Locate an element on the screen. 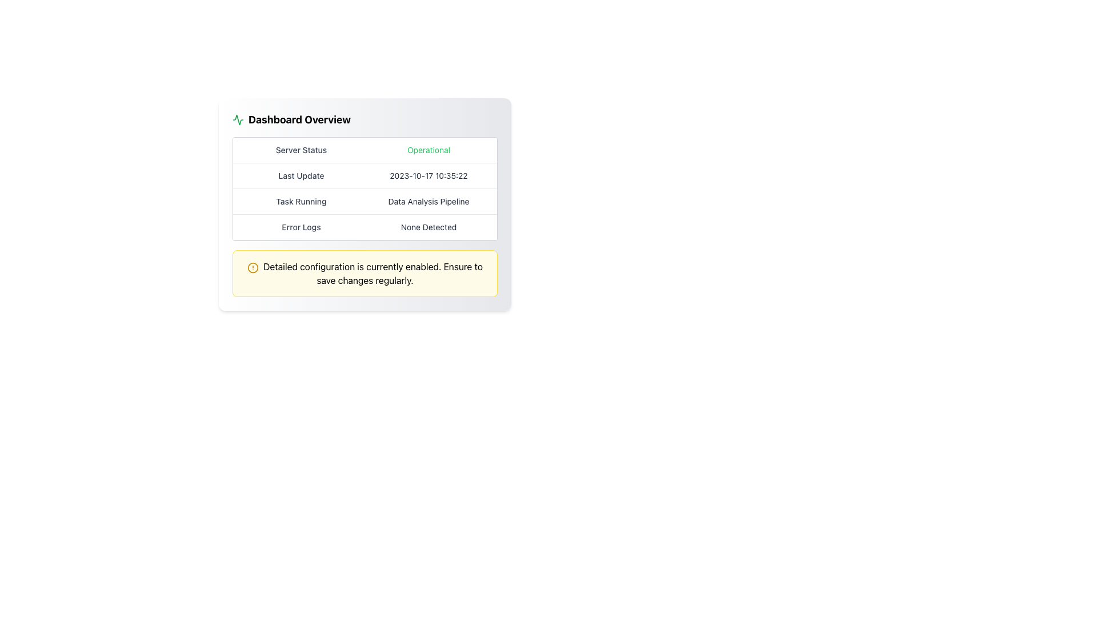 This screenshot has width=1097, height=617. alert message displayed in the warning banner with a yellow background stating 'Detailed configuration is currently enabled. Ensure to save changes regularly.' is located at coordinates (364, 273).